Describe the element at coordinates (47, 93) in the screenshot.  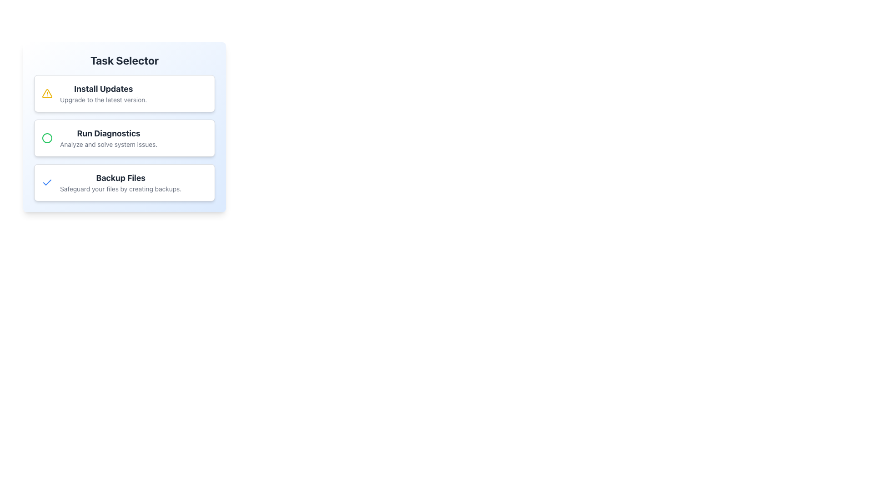
I see `the caution or warning icon located to the left of the 'Install Updates' text in the 'Task Selector' section` at that location.